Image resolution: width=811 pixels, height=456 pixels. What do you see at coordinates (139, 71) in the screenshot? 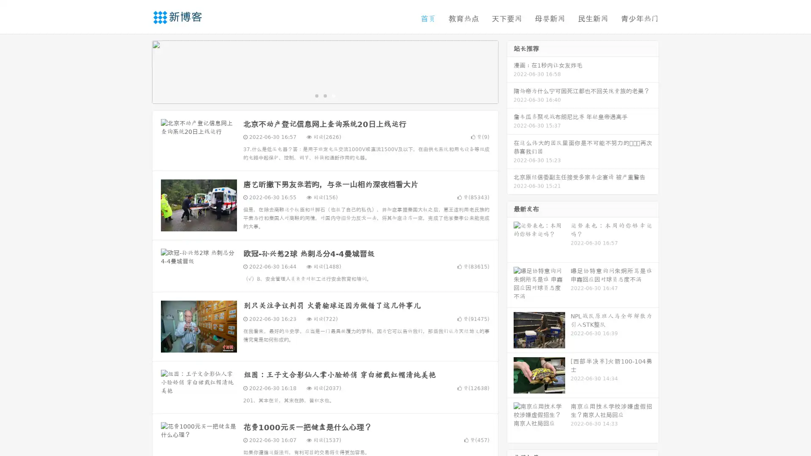
I see `Previous slide` at bounding box center [139, 71].